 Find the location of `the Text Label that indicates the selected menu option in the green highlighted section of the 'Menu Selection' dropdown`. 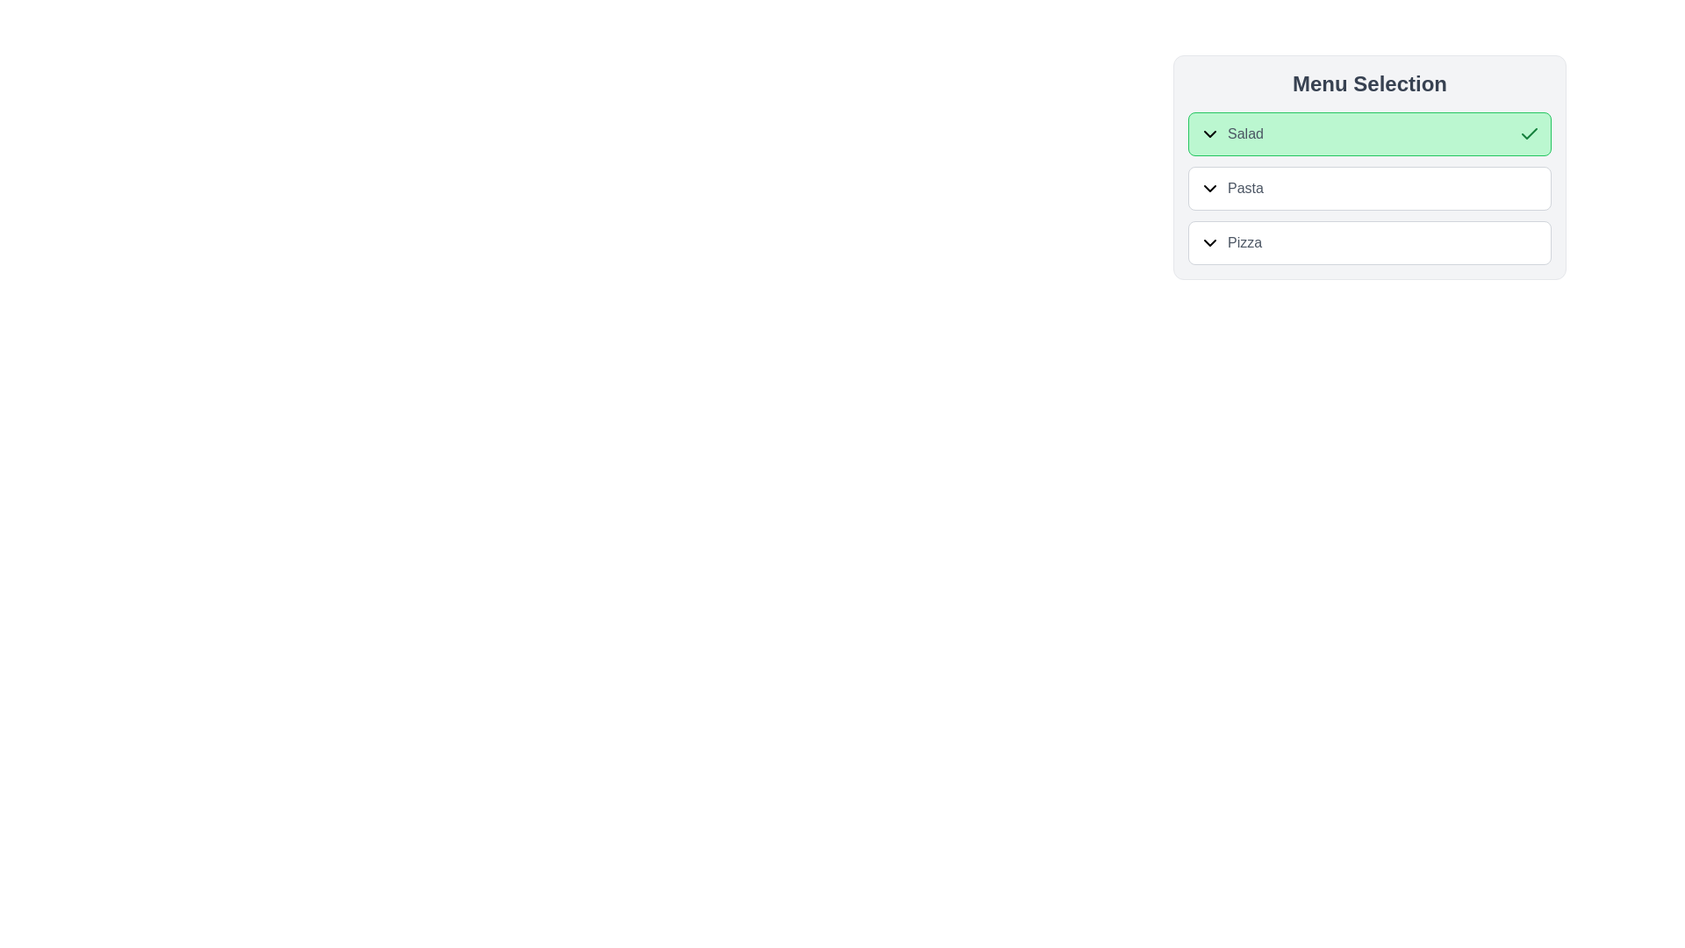

the Text Label that indicates the selected menu option in the green highlighted section of the 'Menu Selection' dropdown is located at coordinates (1230, 133).